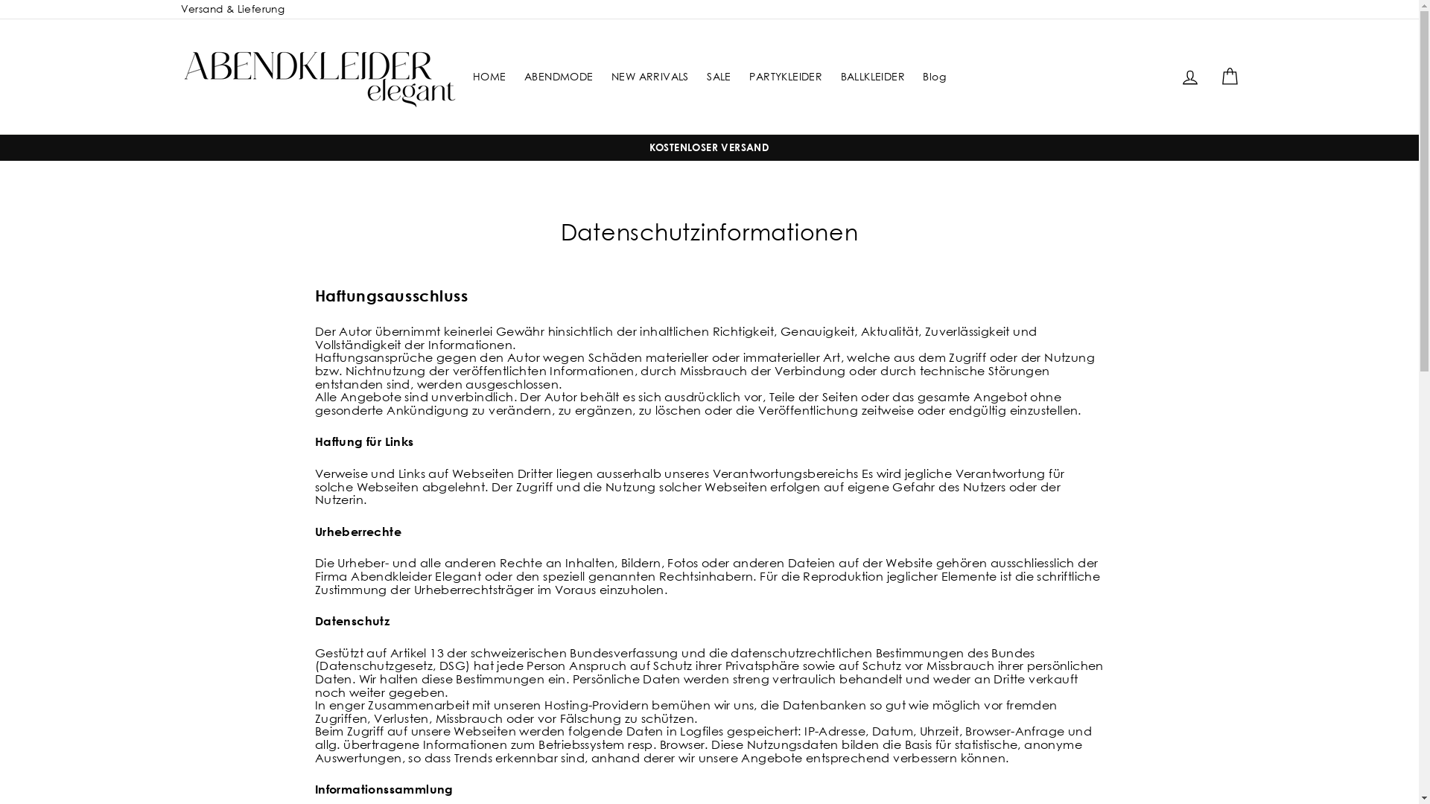 Image resolution: width=1430 pixels, height=804 pixels. Describe the element at coordinates (742, 77) in the screenshot. I see `'PARTYKLEIDER'` at that location.